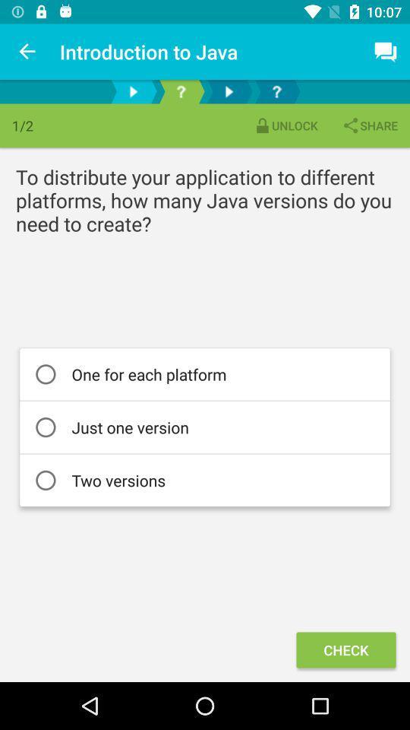  I want to click on the icon next to the introduction to java, so click(27, 52).